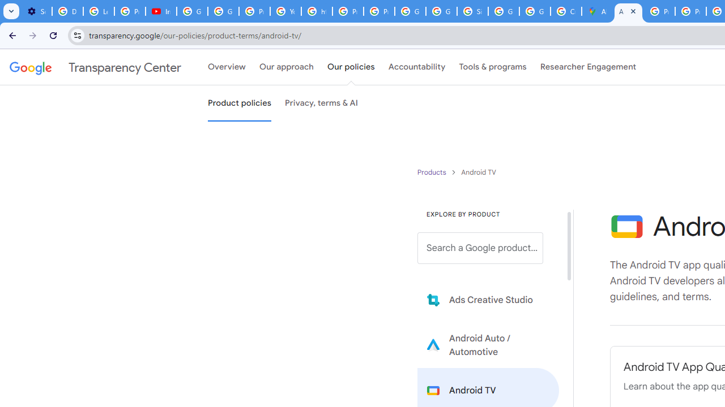  Describe the element at coordinates (628, 11) in the screenshot. I see `'Android TV Policies and Guidelines - Transparency Center'` at that location.